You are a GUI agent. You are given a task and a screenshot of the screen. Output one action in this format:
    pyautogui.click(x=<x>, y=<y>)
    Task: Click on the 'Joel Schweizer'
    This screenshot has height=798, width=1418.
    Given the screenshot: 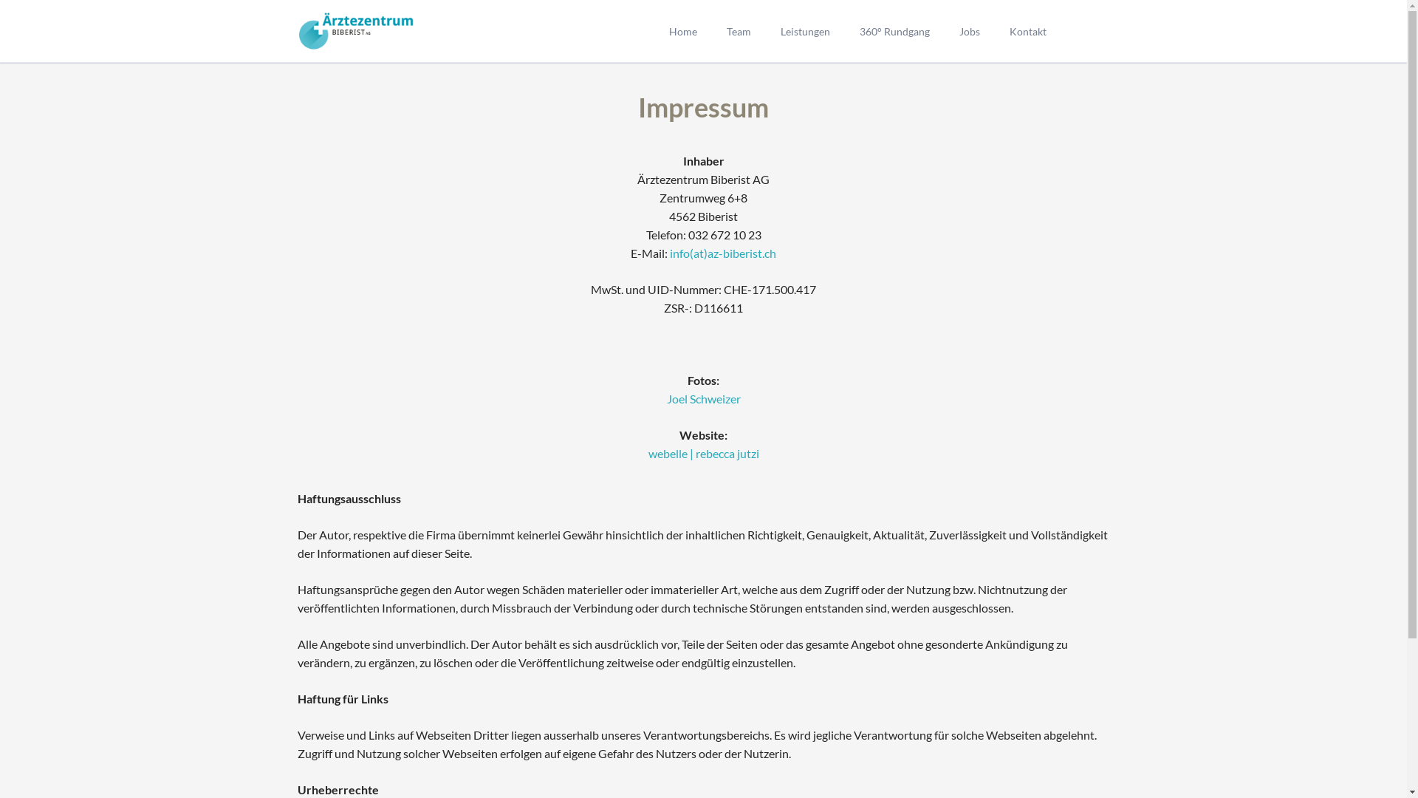 What is the action you would take?
    pyautogui.click(x=702, y=398)
    